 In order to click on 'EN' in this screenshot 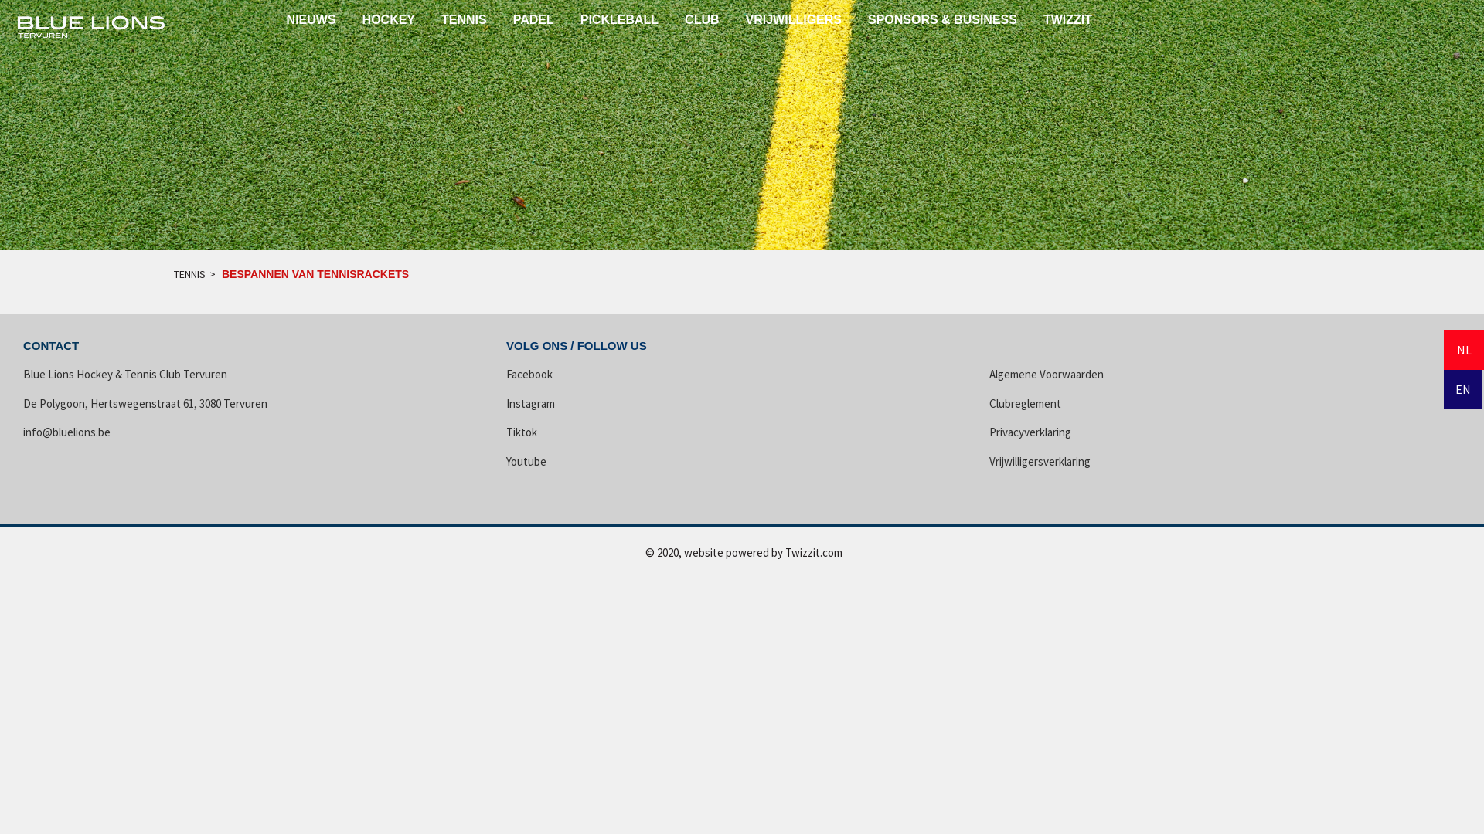, I will do `click(1462, 387)`.